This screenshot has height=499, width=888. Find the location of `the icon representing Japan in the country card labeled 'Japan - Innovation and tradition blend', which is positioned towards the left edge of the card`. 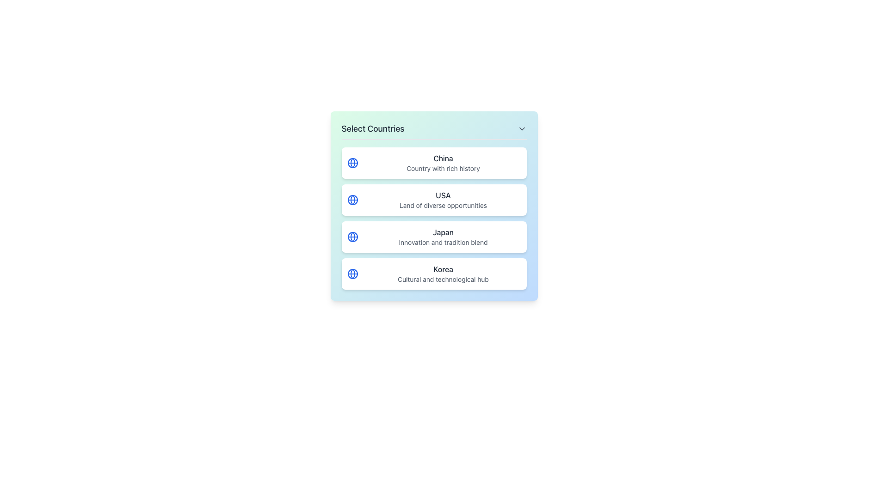

the icon representing Japan in the country card labeled 'Japan - Innovation and tradition blend', which is positioned towards the left edge of the card is located at coordinates (352, 237).